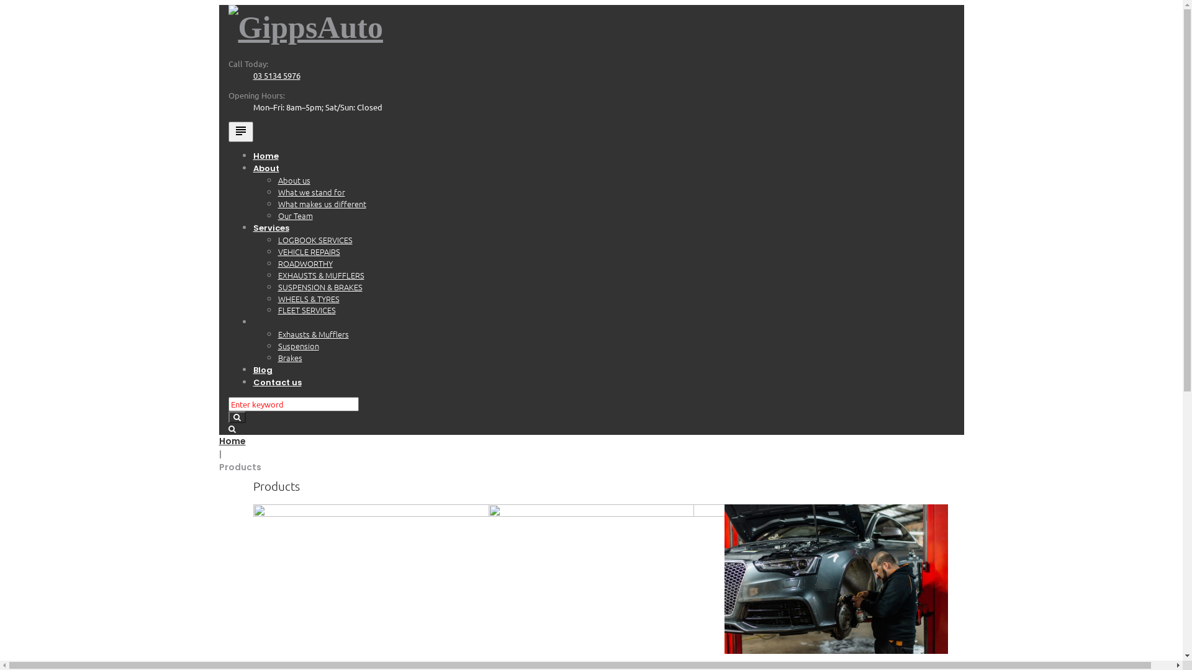 The image size is (1192, 670). What do you see at coordinates (265, 155) in the screenshot?
I see `'Home'` at bounding box center [265, 155].